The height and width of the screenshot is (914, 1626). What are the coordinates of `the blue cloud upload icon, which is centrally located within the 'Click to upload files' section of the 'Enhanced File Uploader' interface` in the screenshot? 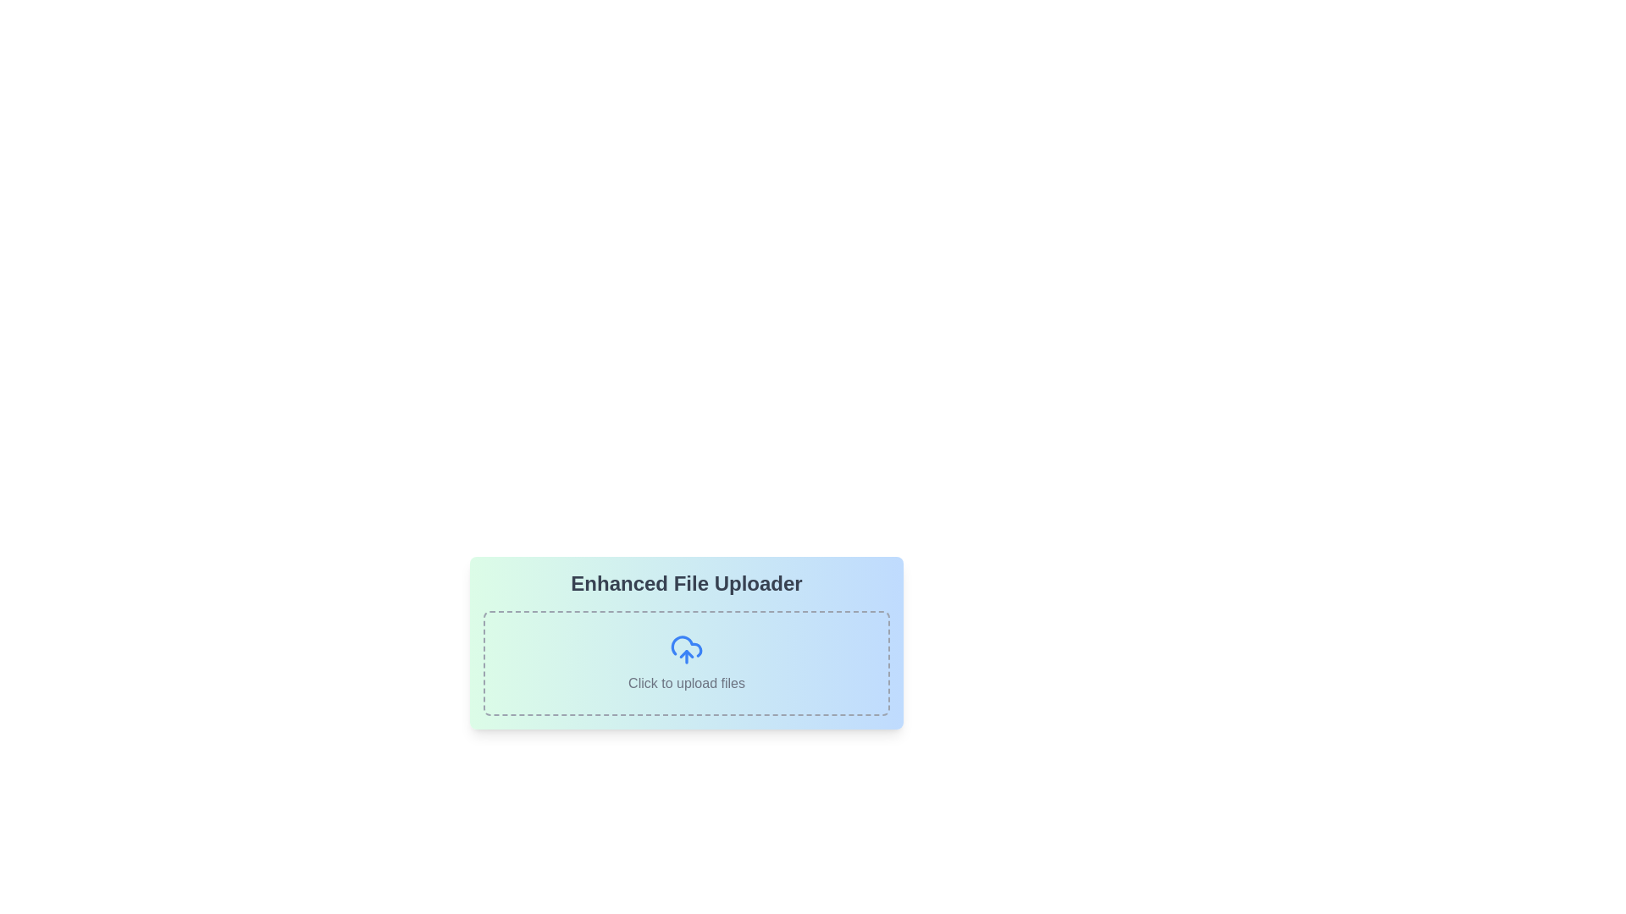 It's located at (687, 648).